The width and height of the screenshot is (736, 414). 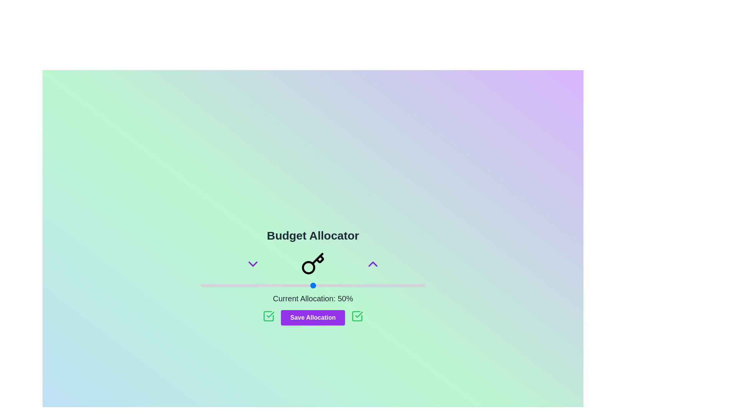 What do you see at coordinates (313, 318) in the screenshot?
I see `the 'Save Allocation' button to save the current budget allocation` at bounding box center [313, 318].